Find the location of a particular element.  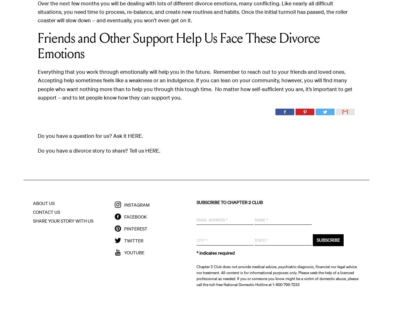

'Everything that you work through emotionally will help you in the future.  Remember to reach out to your friends and loved ones. Accepting help sometimes feels like a weakness or an indulgence. If you can lean on your community, however, you will find many people who want nothing more than to help you through this tough time.  No matter how self-sufficient you are, it’s important to get support – and to let people know how they can support you.' is located at coordinates (195, 84).